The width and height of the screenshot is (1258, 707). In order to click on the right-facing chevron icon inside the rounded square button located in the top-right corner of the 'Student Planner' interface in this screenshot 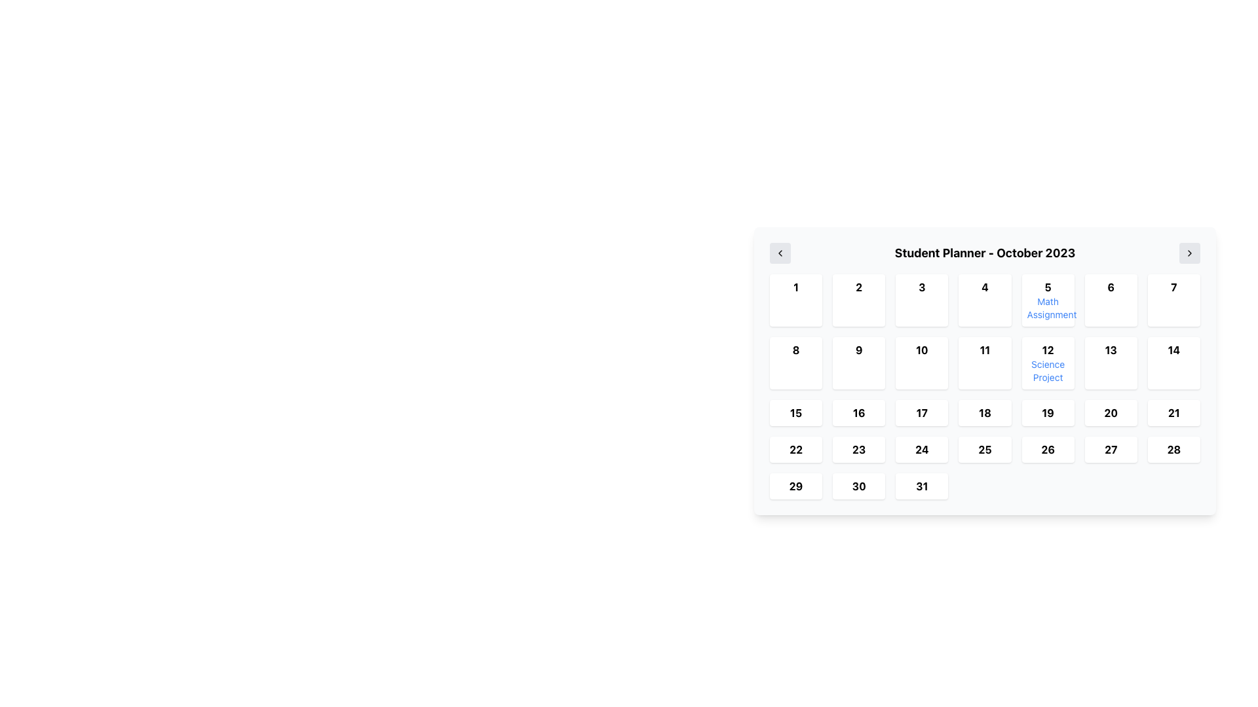, I will do `click(1189, 253)`.